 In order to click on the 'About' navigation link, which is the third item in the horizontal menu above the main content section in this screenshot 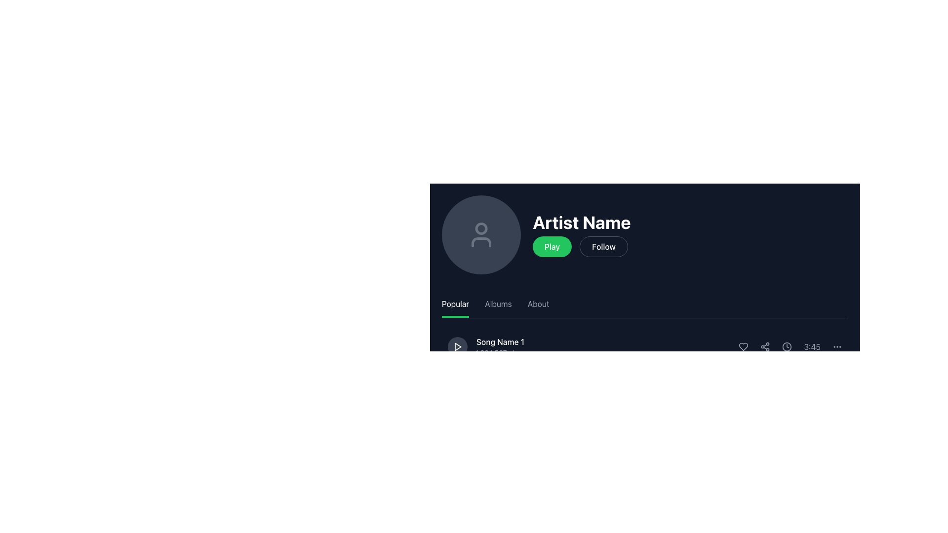, I will do `click(538, 304)`.